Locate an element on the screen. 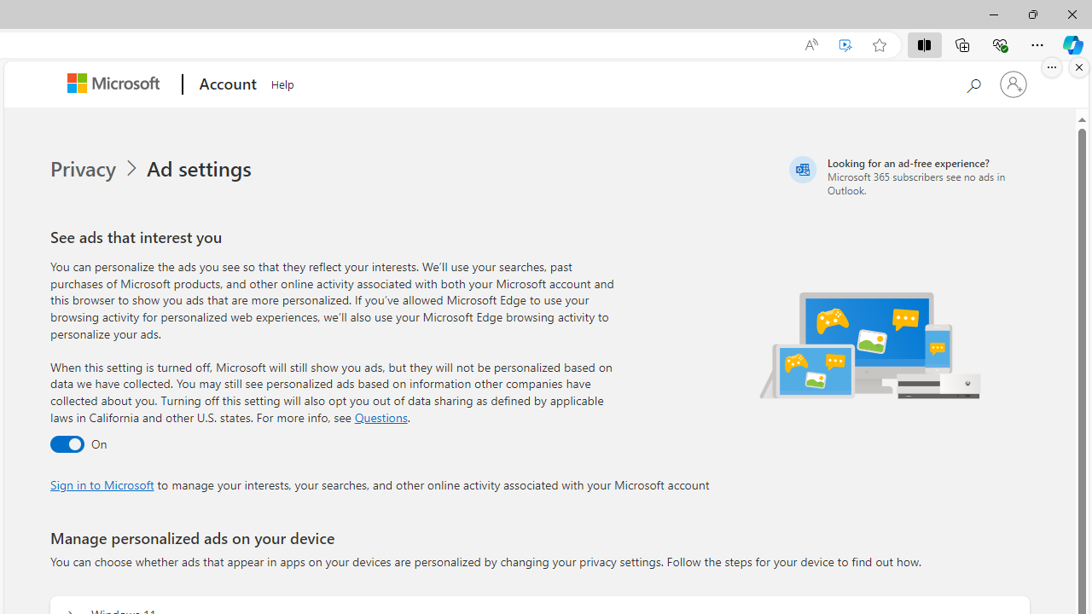  'Split screen' is located at coordinates (923, 43).